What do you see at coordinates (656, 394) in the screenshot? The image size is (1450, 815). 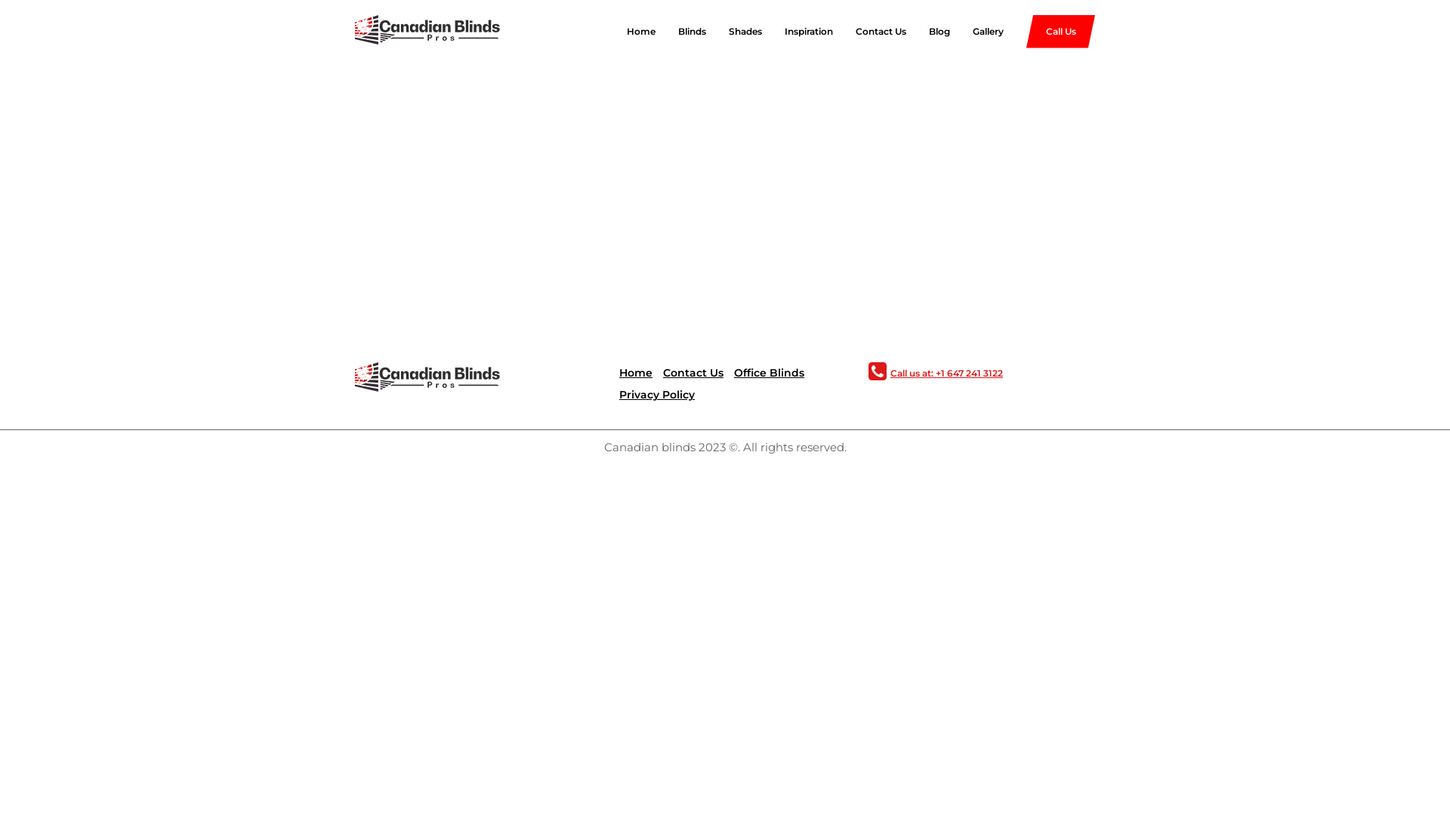 I see `'Privacy Policy'` at bounding box center [656, 394].